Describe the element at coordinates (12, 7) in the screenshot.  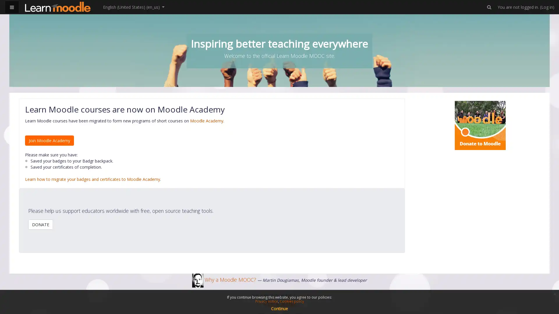
I see `Side panel` at that location.